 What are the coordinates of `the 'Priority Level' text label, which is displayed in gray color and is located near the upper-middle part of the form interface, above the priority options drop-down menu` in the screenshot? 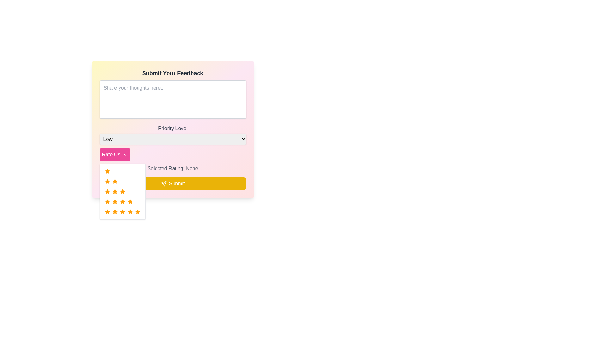 It's located at (173, 128).